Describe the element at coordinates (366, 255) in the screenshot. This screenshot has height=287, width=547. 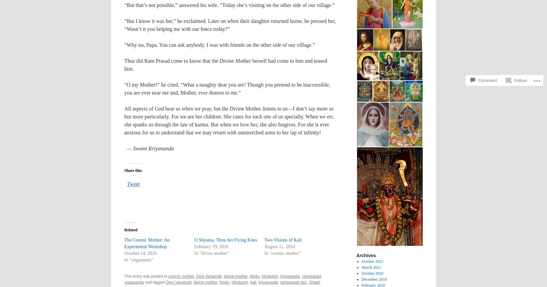
I see `'Archives'` at that location.